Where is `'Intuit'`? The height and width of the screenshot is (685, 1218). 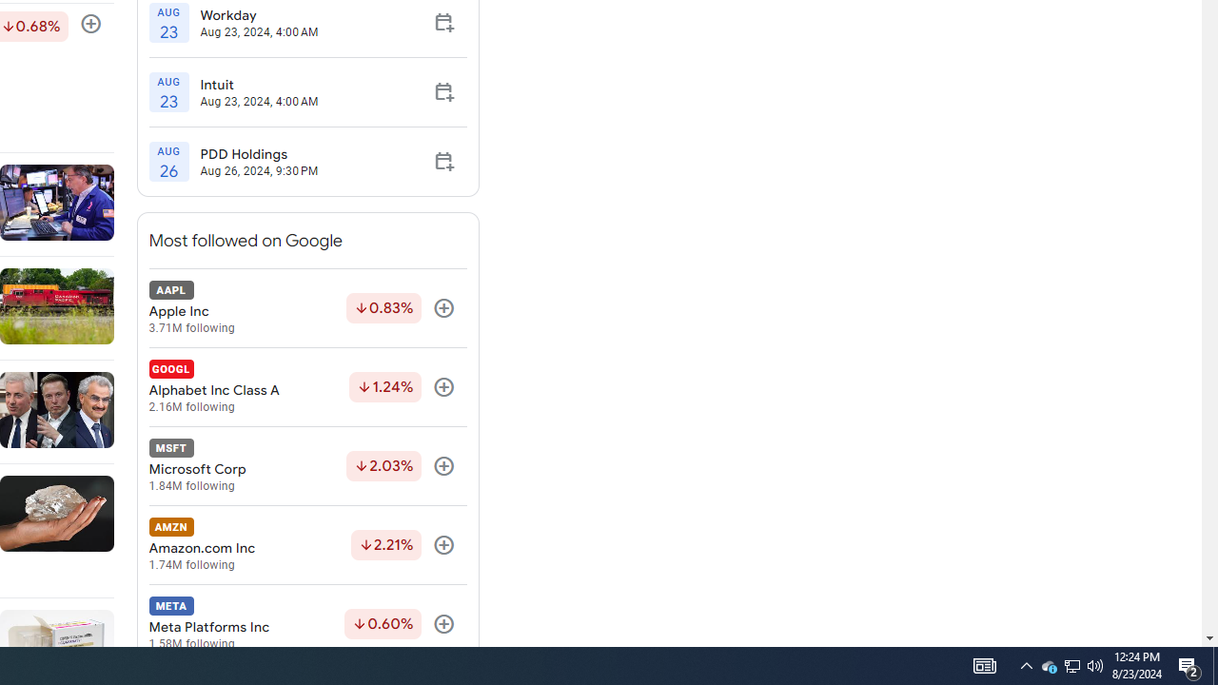 'Intuit' is located at coordinates (258, 84).